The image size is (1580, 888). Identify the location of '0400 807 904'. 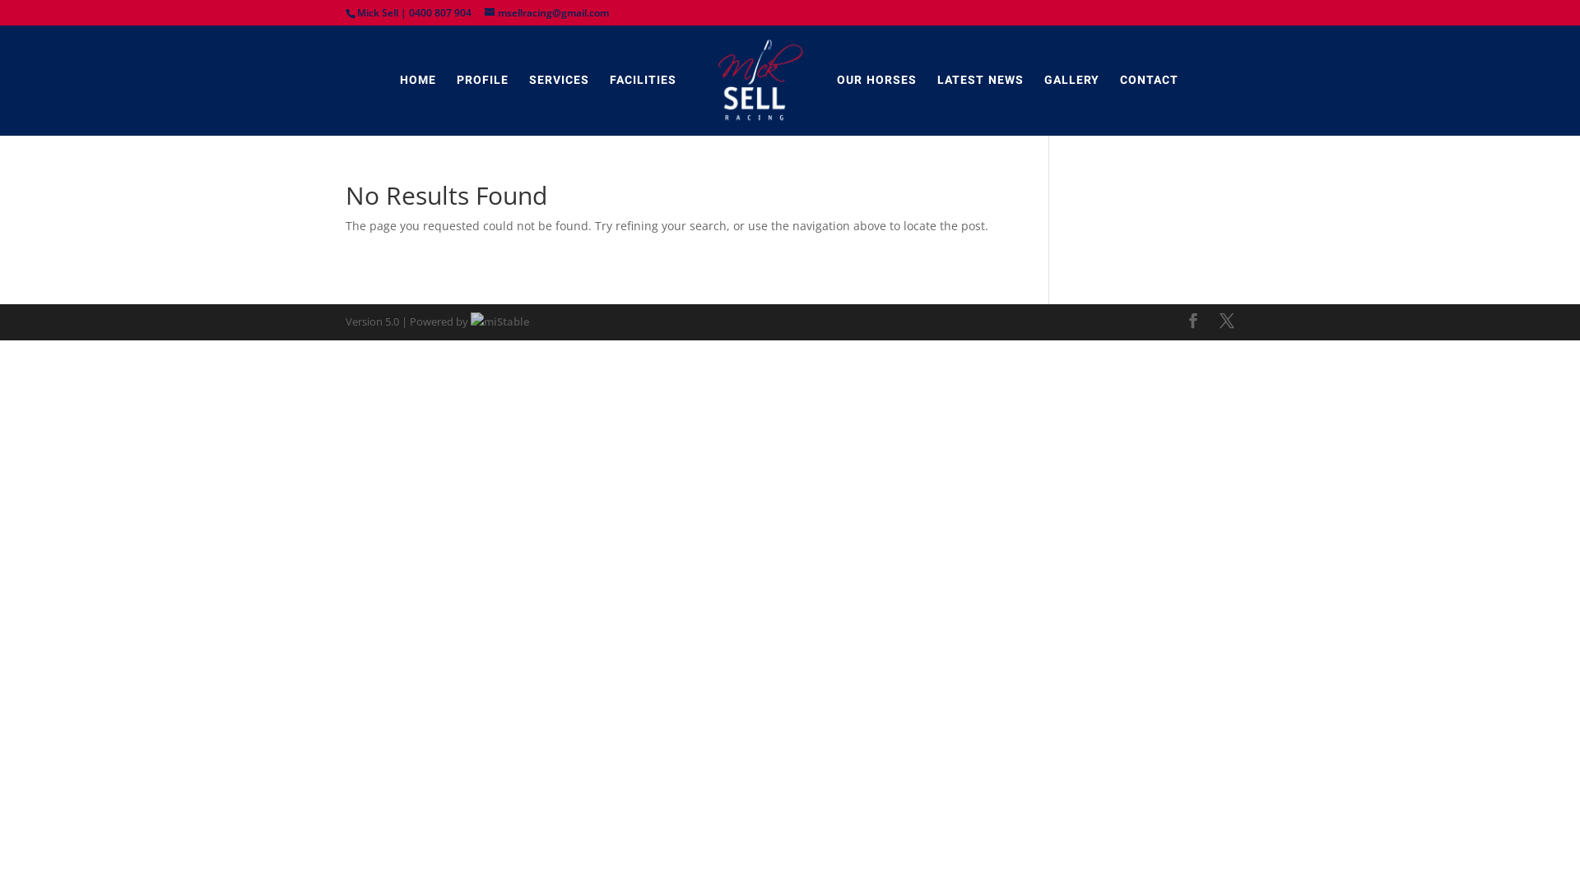
(439, 12).